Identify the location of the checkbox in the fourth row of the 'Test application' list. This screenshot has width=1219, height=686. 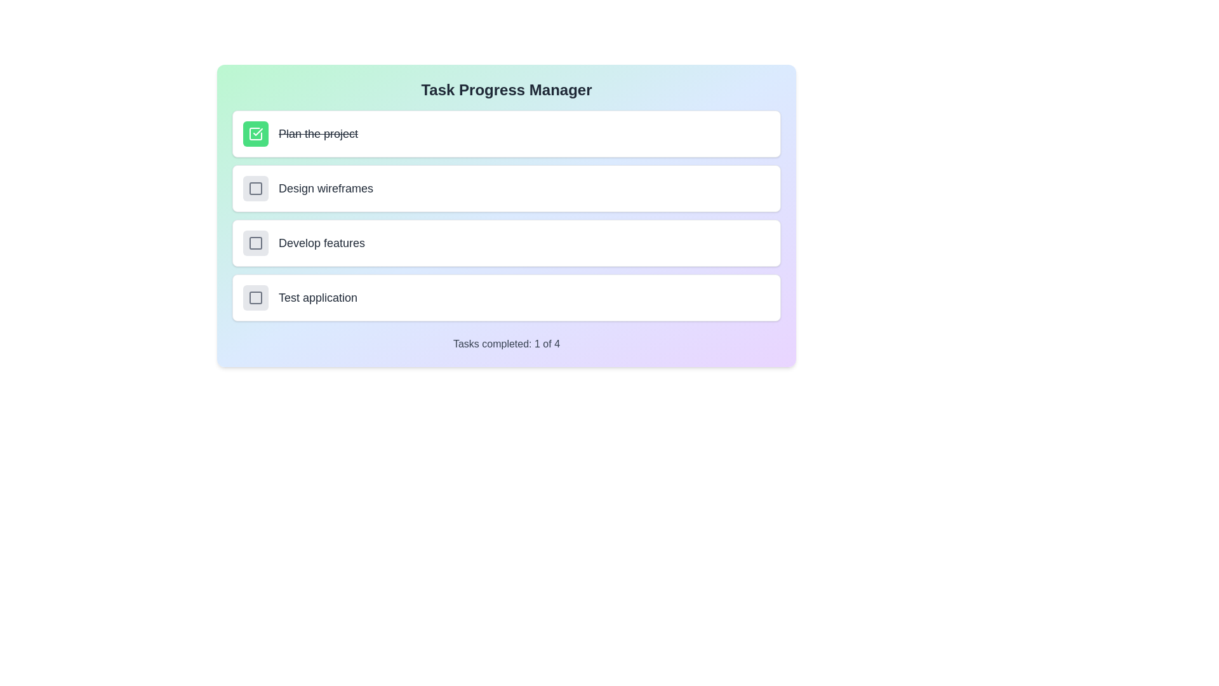
(255, 298).